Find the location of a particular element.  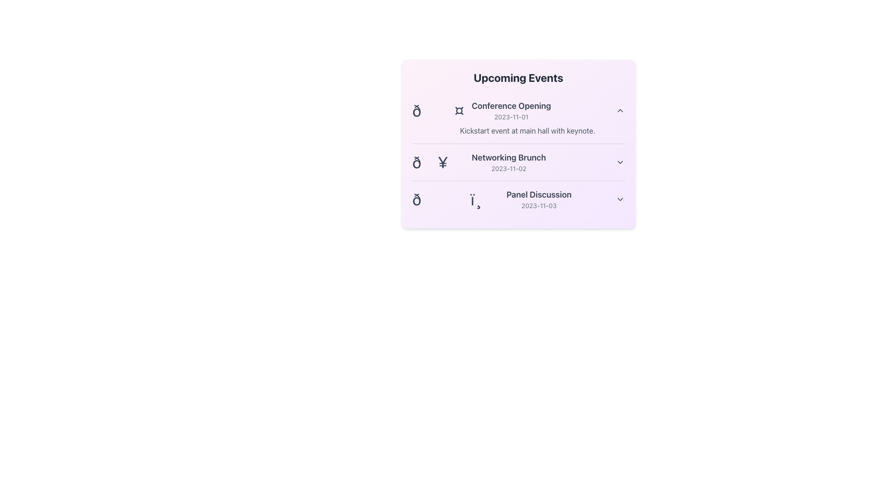

the static text label that reads 'Kickstart event at main hall with keynote.' located below 'Conference Opening' and '2023-11-01' in the 'Upcoming Events' section is located at coordinates (518, 130).